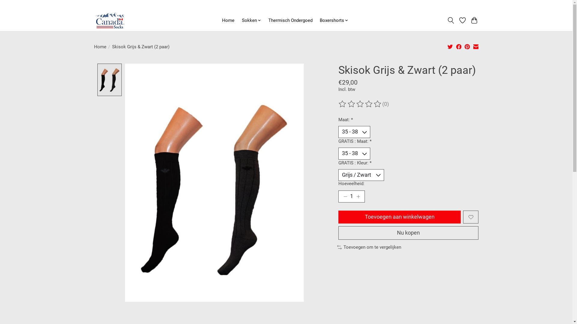  I want to click on 'Nu kopen', so click(408, 232).